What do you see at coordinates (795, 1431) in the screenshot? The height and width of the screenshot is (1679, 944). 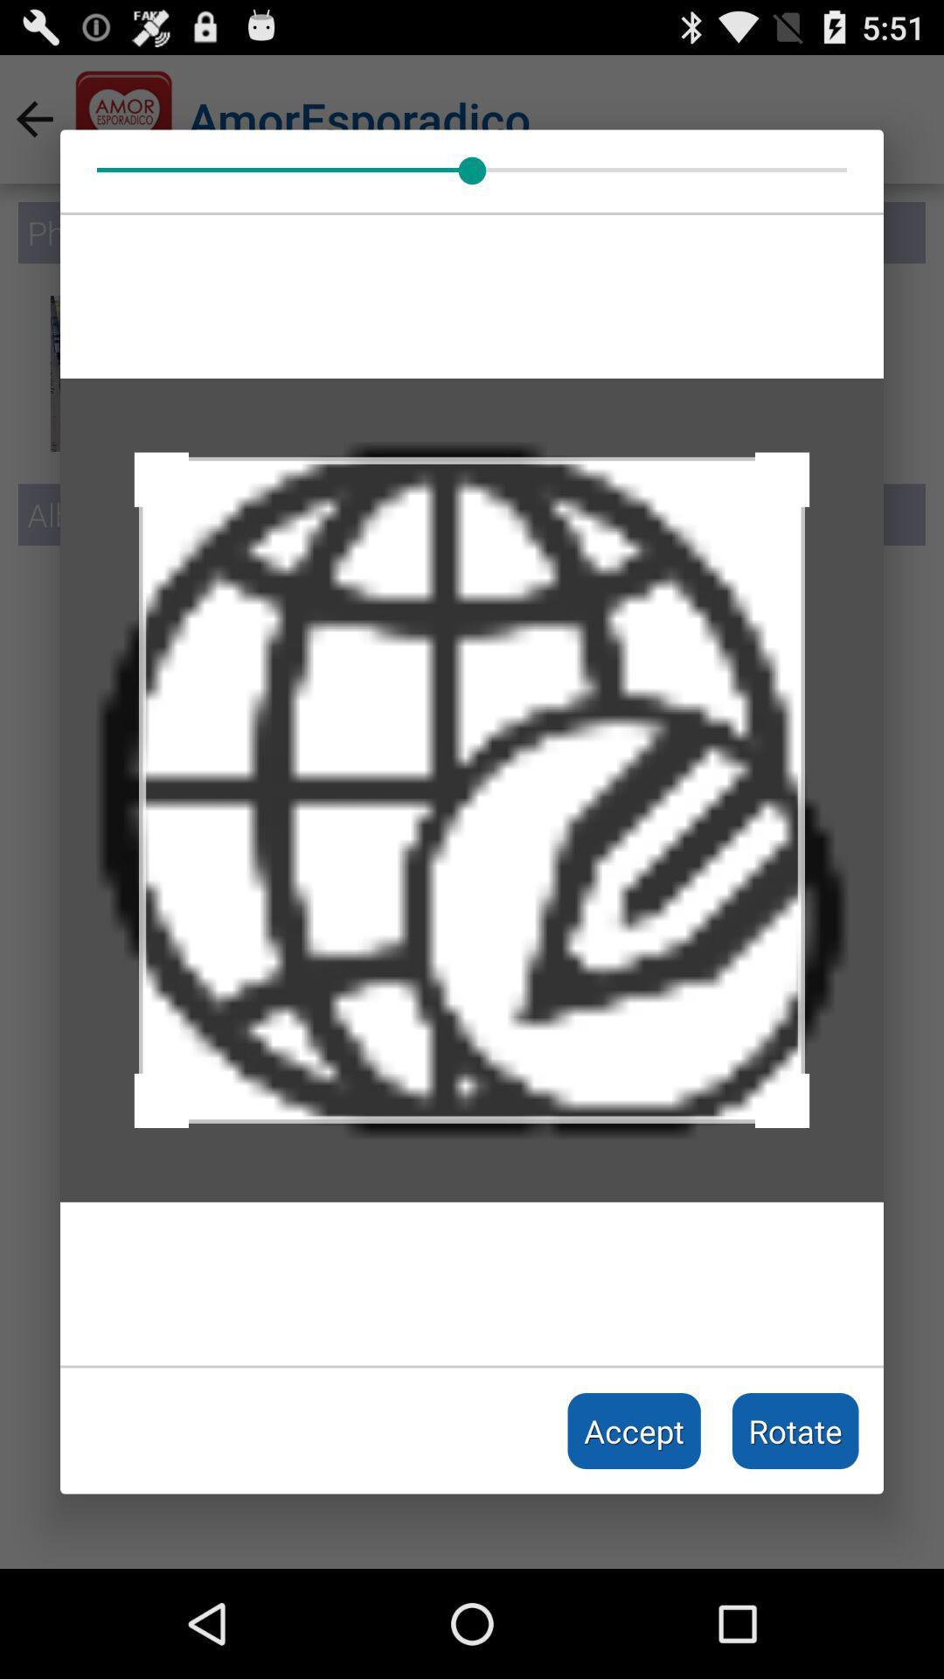 I see `the item next to accept item` at bounding box center [795, 1431].